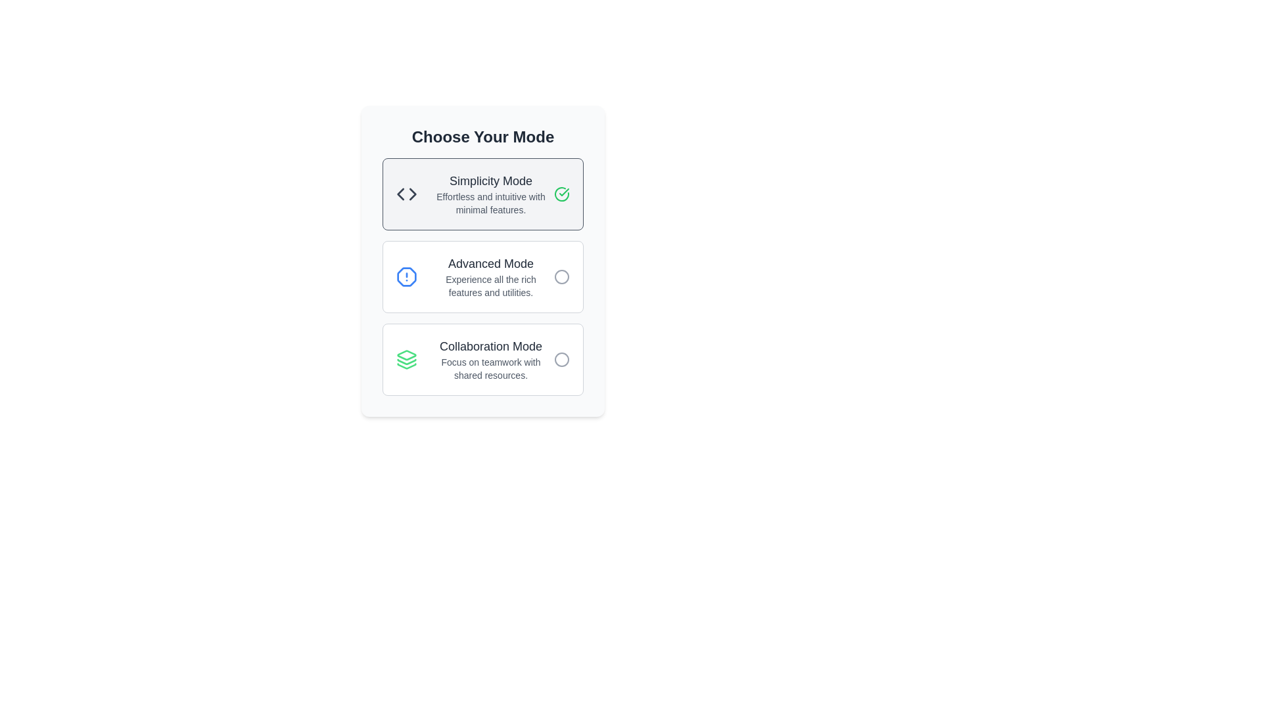 Image resolution: width=1262 pixels, height=709 pixels. Describe the element at coordinates (490, 276) in the screenshot. I see `the text display element that has the title 'Advanced Mode' and the description 'Experience all the rich features and utilities', which is the second option in the vertical list of selectable cards in the modal titled 'Choose Your Mode'` at that location.